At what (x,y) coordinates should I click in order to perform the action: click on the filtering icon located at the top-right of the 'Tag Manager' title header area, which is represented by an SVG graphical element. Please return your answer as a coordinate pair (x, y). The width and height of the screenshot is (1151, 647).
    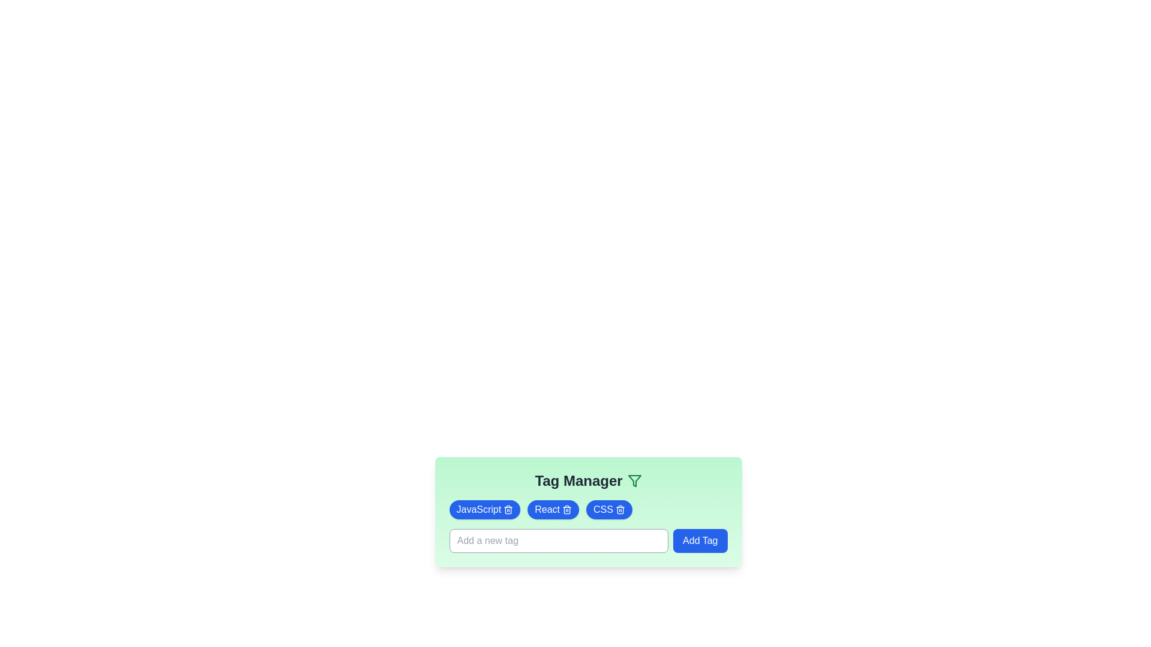
    Looking at the image, I should click on (634, 480).